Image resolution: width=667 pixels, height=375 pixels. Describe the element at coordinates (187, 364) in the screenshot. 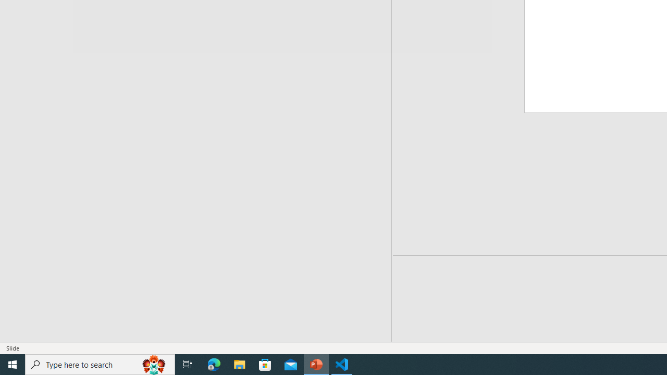

I see `'Task View'` at that location.